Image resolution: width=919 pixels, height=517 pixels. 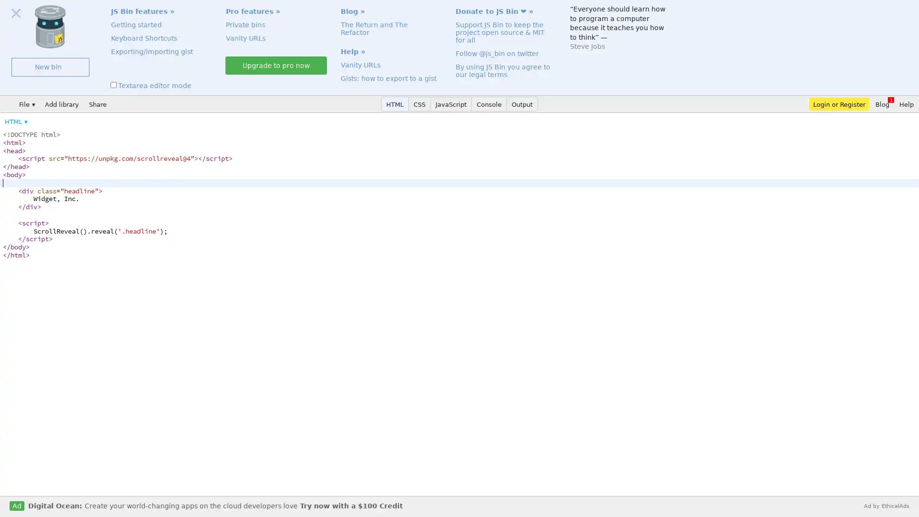 I want to click on Console Panel: Inactive, so click(x=489, y=104).